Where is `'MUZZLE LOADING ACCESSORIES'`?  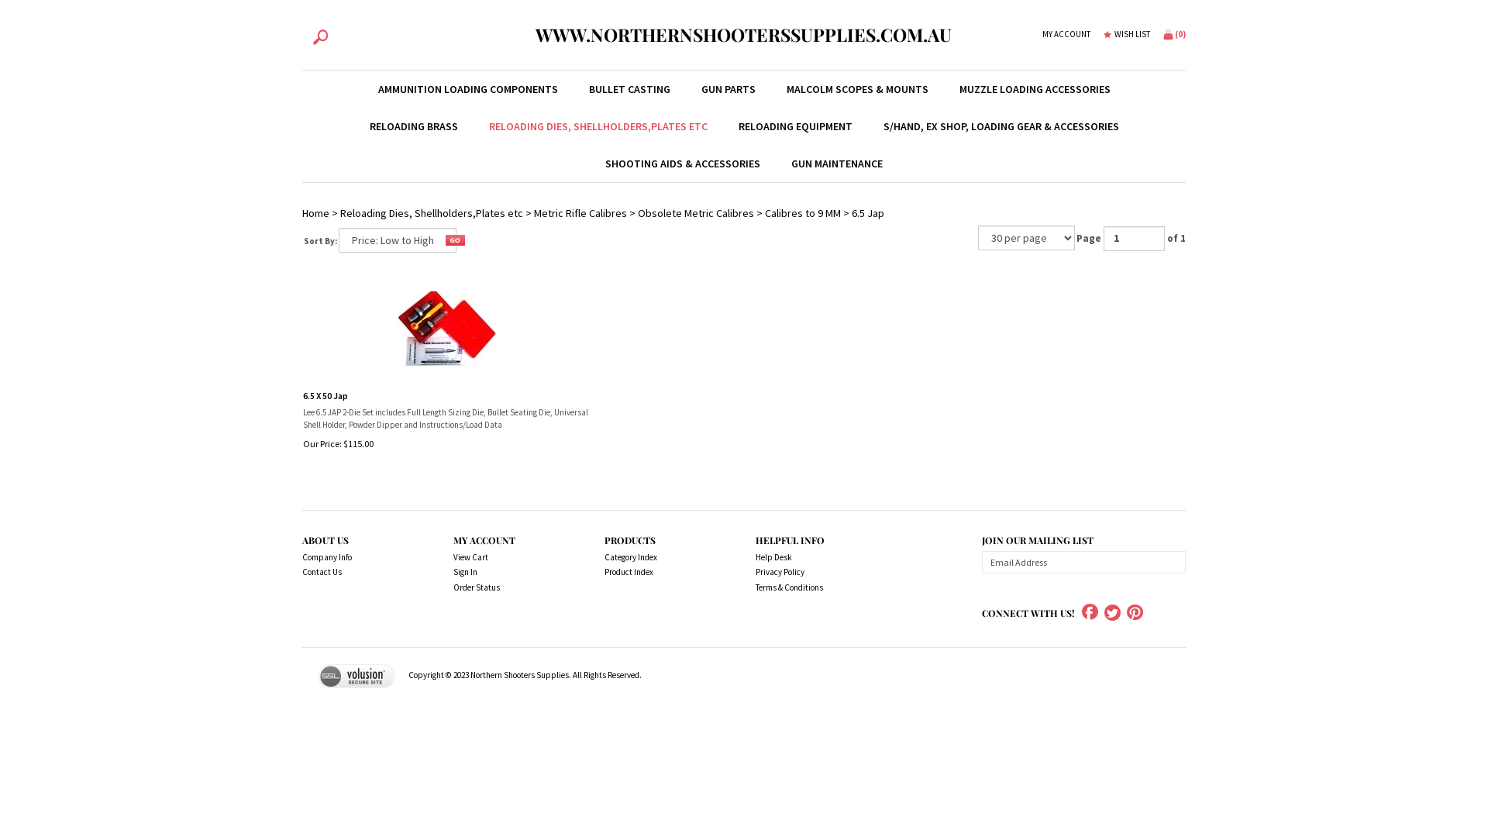 'MUZZLE LOADING ACCESSORIES' is located at coordinates (1035, 89).